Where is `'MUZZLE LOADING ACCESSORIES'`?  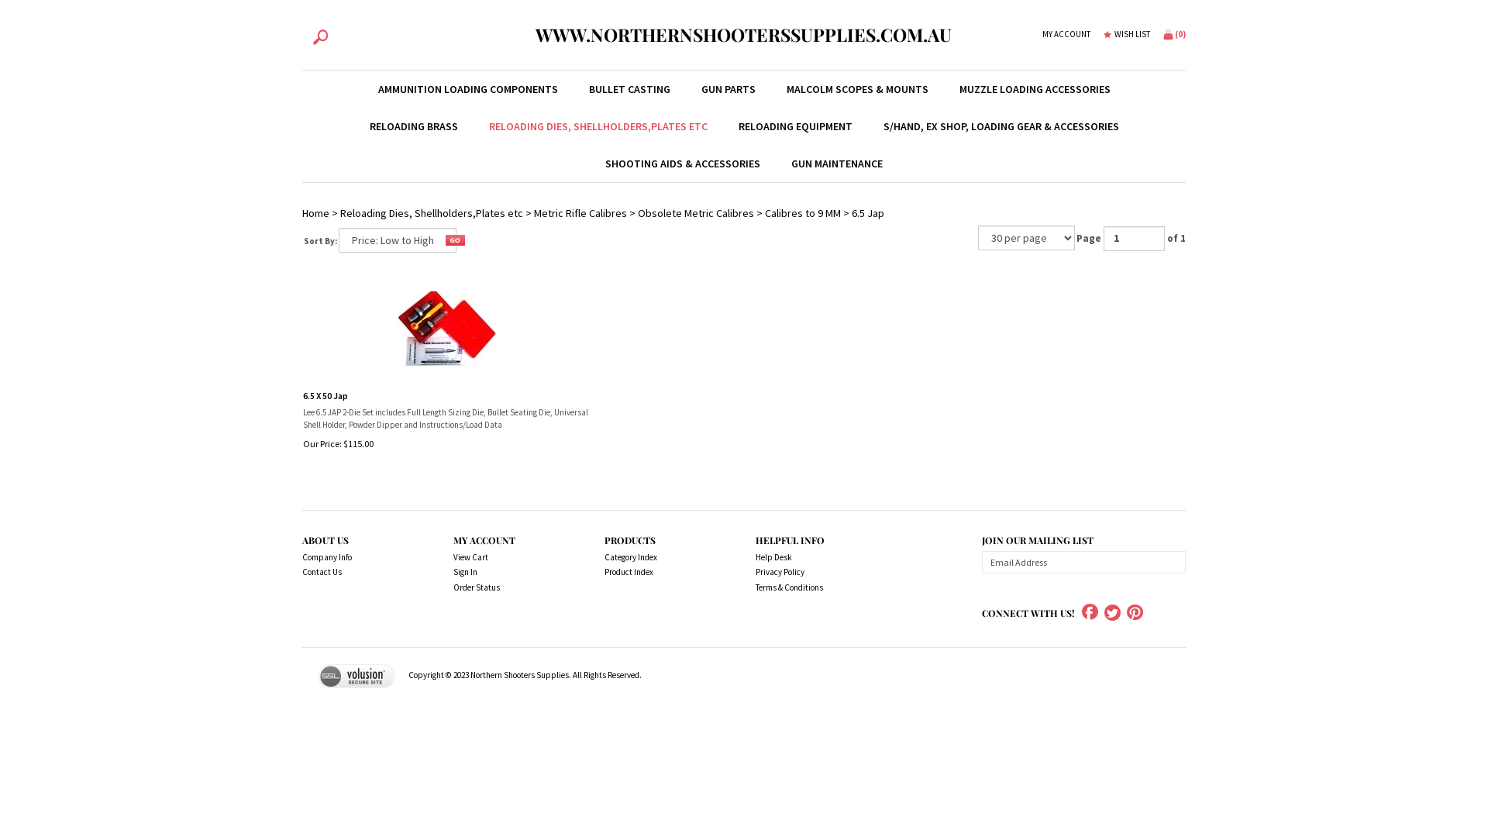 'MUZZLE LOADING ACCESSORIES' is located at coordinates (1035, 89).